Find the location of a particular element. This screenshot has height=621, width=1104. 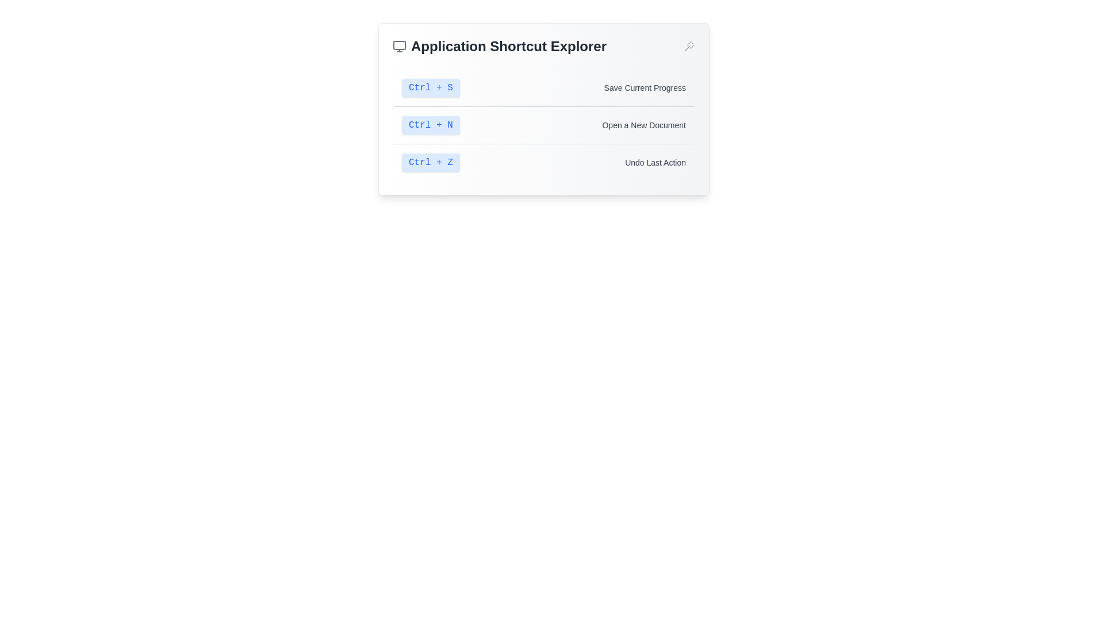

the text label that reads 'Undo Last Action', which is styled in gray and positioned next to the shortcut 'Ctrl + Z' within the 'Application Shortcut Explorer' panel is located at coordinates (655, 162).